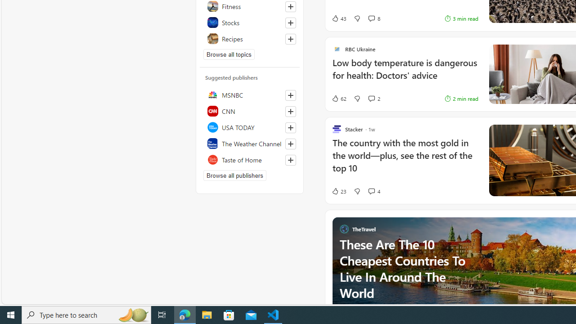 This screenshot has width=576, height=324. Describe the element at coordinates (373, 18) in the screenshot. I see `'View comments 8 Comment'` at that location.